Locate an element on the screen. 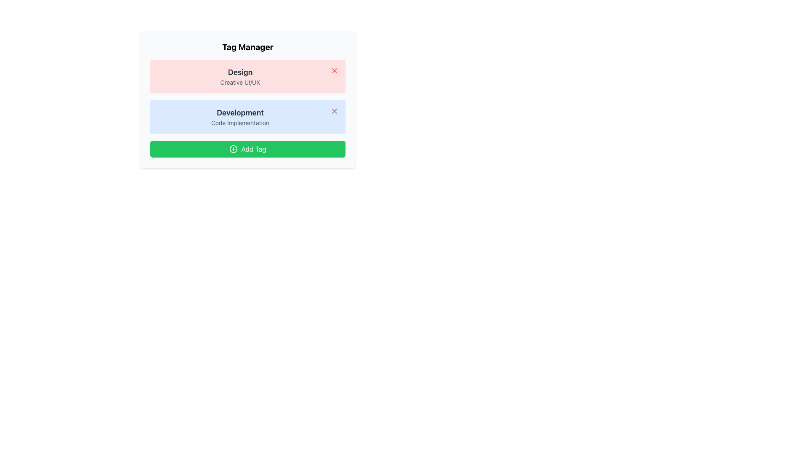 The width and height of the screenshot is (808, 455). text element serving as the title or label indicating a category or section header related to 'Design', located at the top-center of the display area is located at coordinates (240, 72).